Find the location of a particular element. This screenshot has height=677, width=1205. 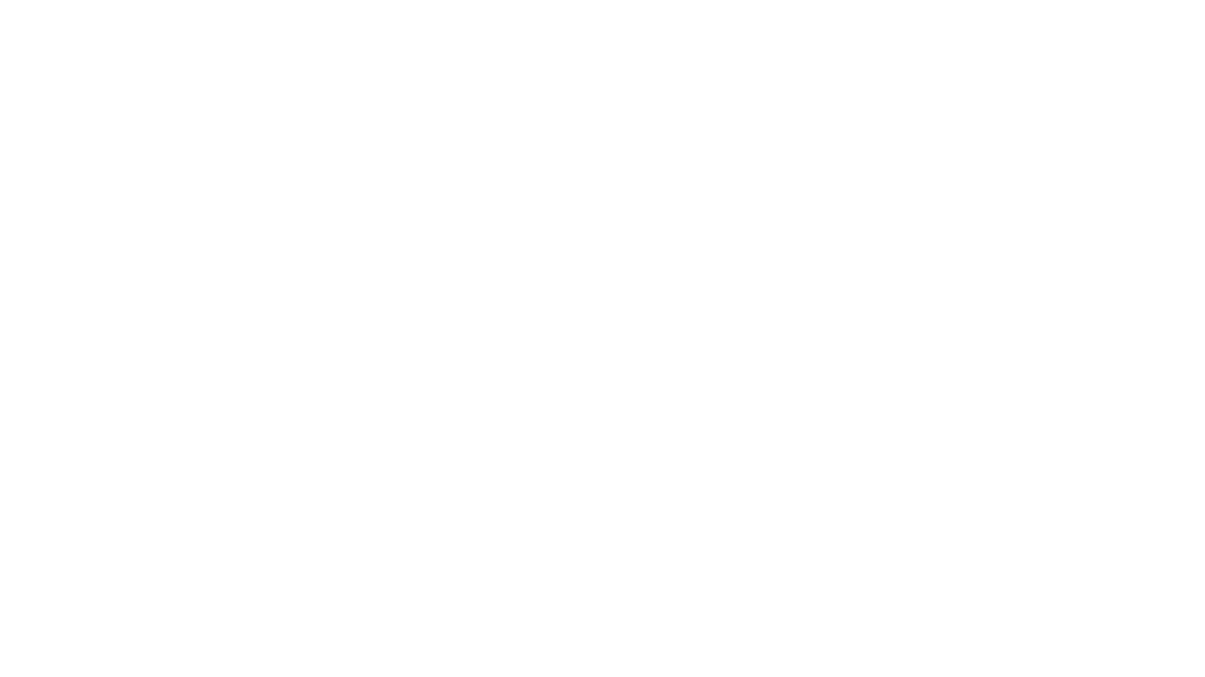

Cookies Settings is located at coordinates (1076, 628).